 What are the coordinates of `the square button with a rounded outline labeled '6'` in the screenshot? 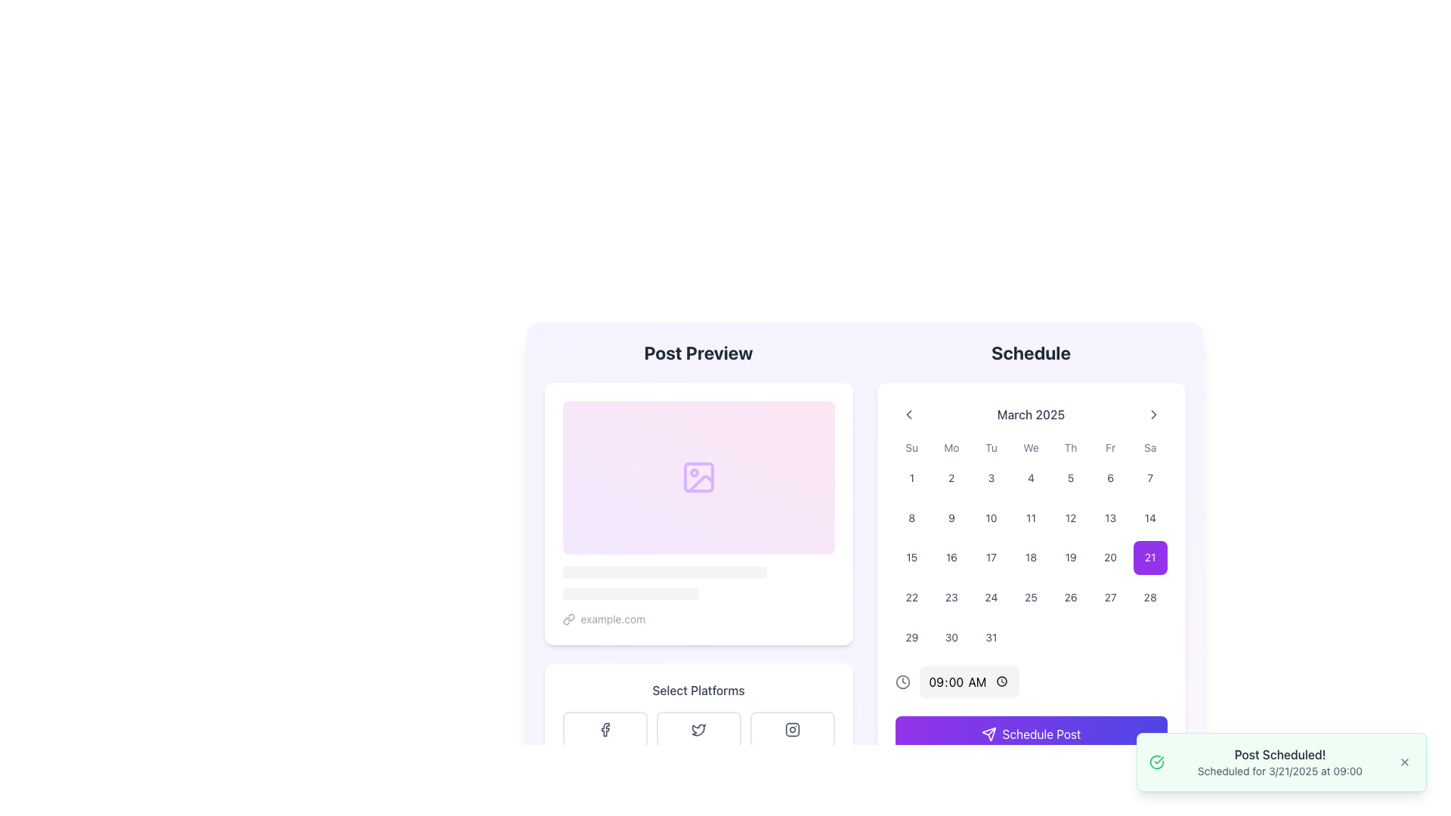 It's located at (1110, 478).